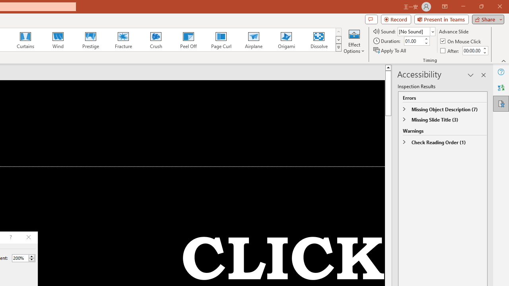  What do you see at coordinates (155, 40) in the screenshot?
I see `'Crush'` at bounding box center [155, 40].